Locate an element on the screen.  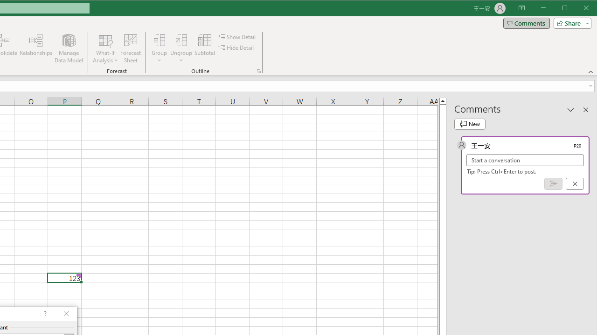
'Manage Data Model' is located at coordinates (68, 48).